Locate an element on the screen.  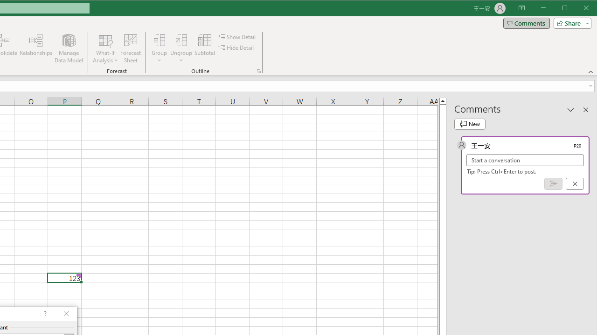
'Manage Data Model' is located at coordinates (68, 48).